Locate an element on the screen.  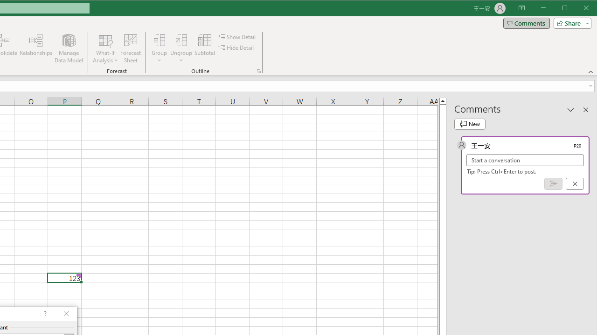
'Manage Data Model' is located at coordinates (68, 48).